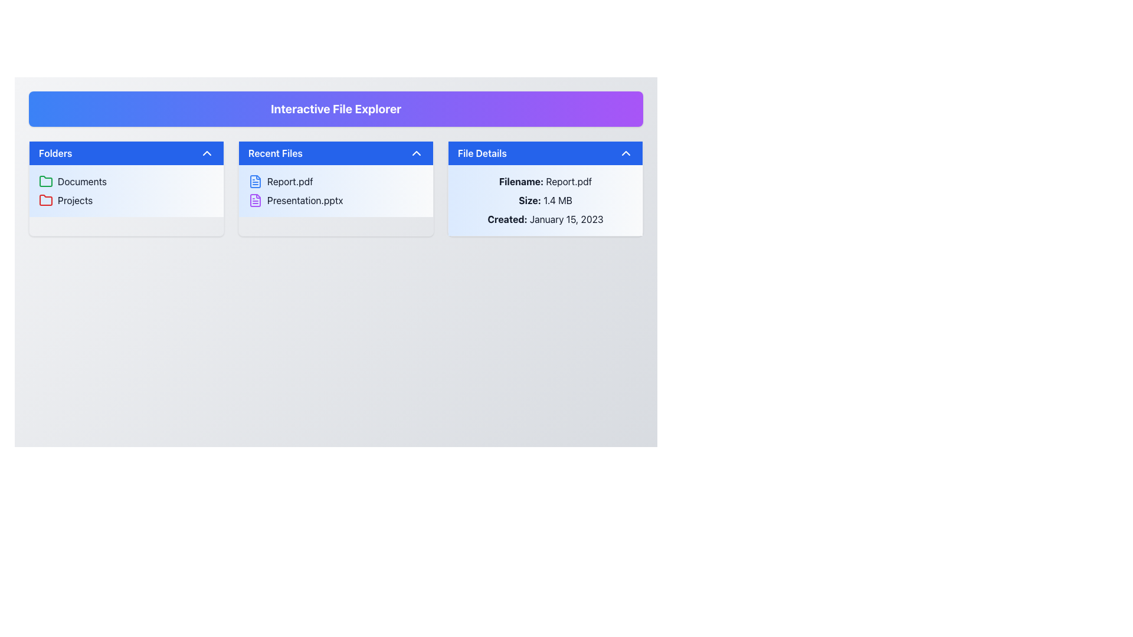 The width and height of the screenshot is (1133, 637). Describe the element at coordinates (545, 199) in the screenshot. I see `the Text display area in the 'File Details' section that shows filename, size, and creation date information` at that location.